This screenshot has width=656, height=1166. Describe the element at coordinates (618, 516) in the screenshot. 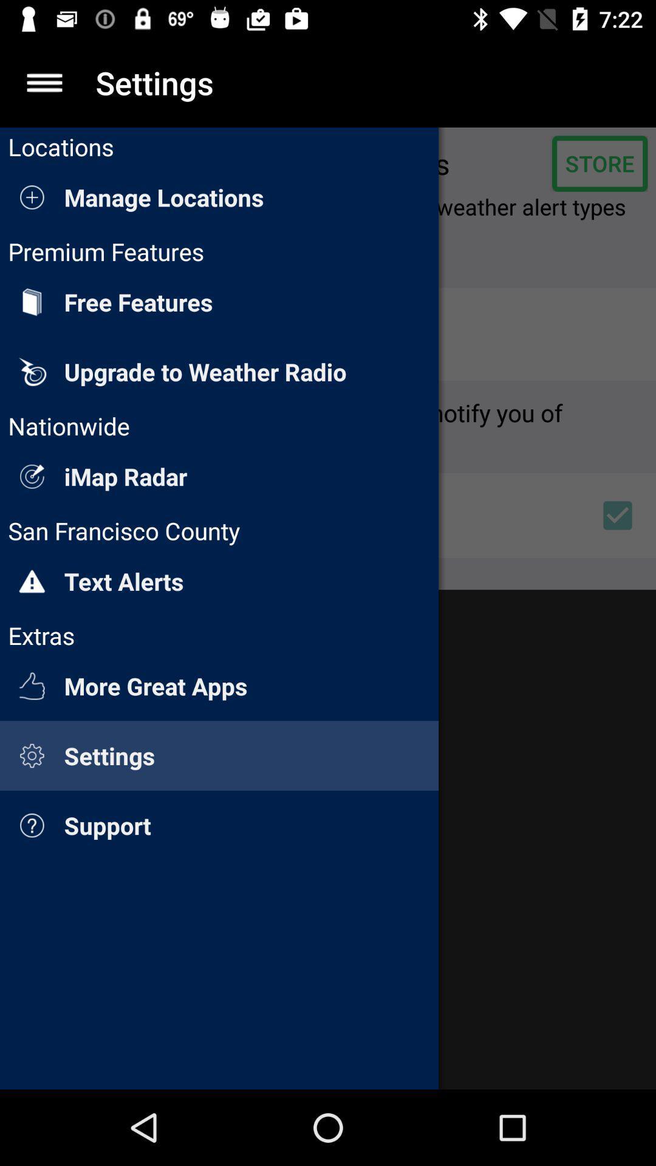

I see `check box which is in green color and also has got tick mark` at that location.